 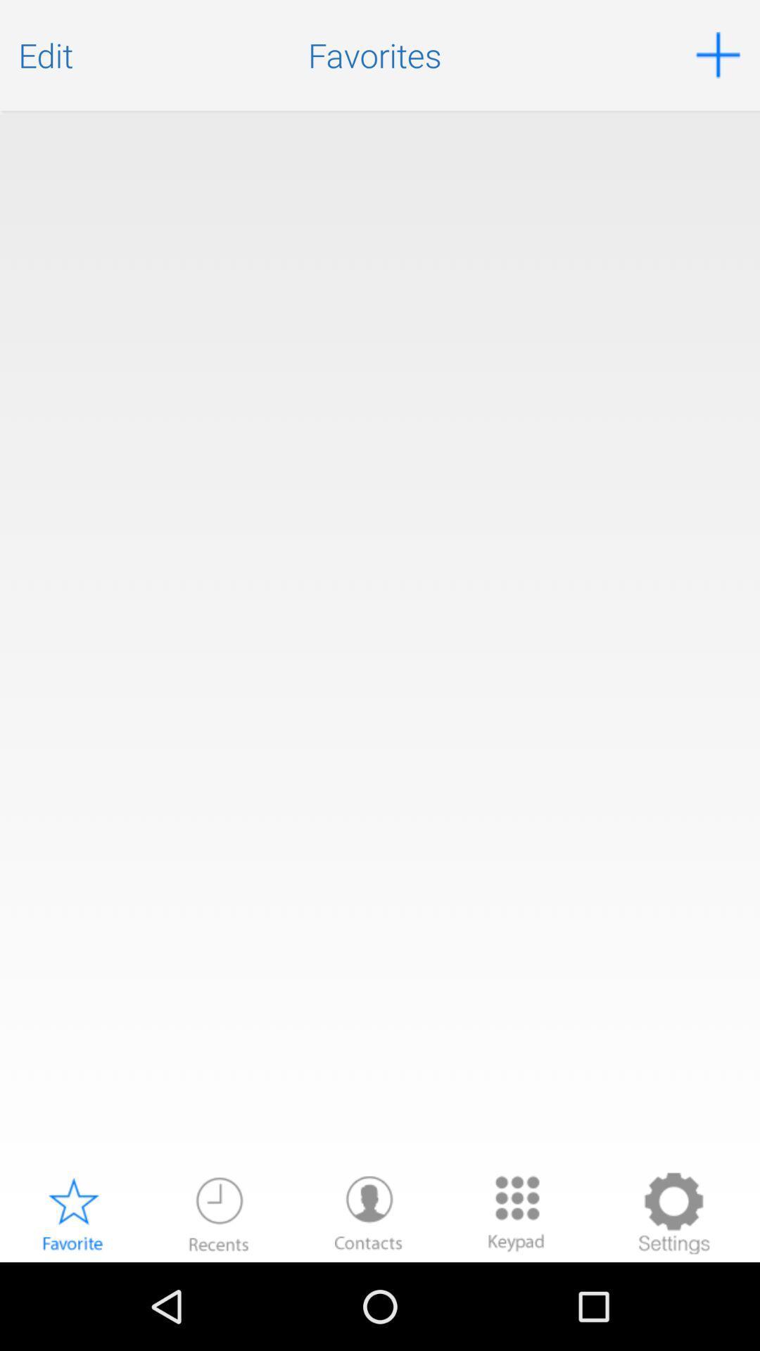 I want to click on open keypad, so click(x=516, y=1212).